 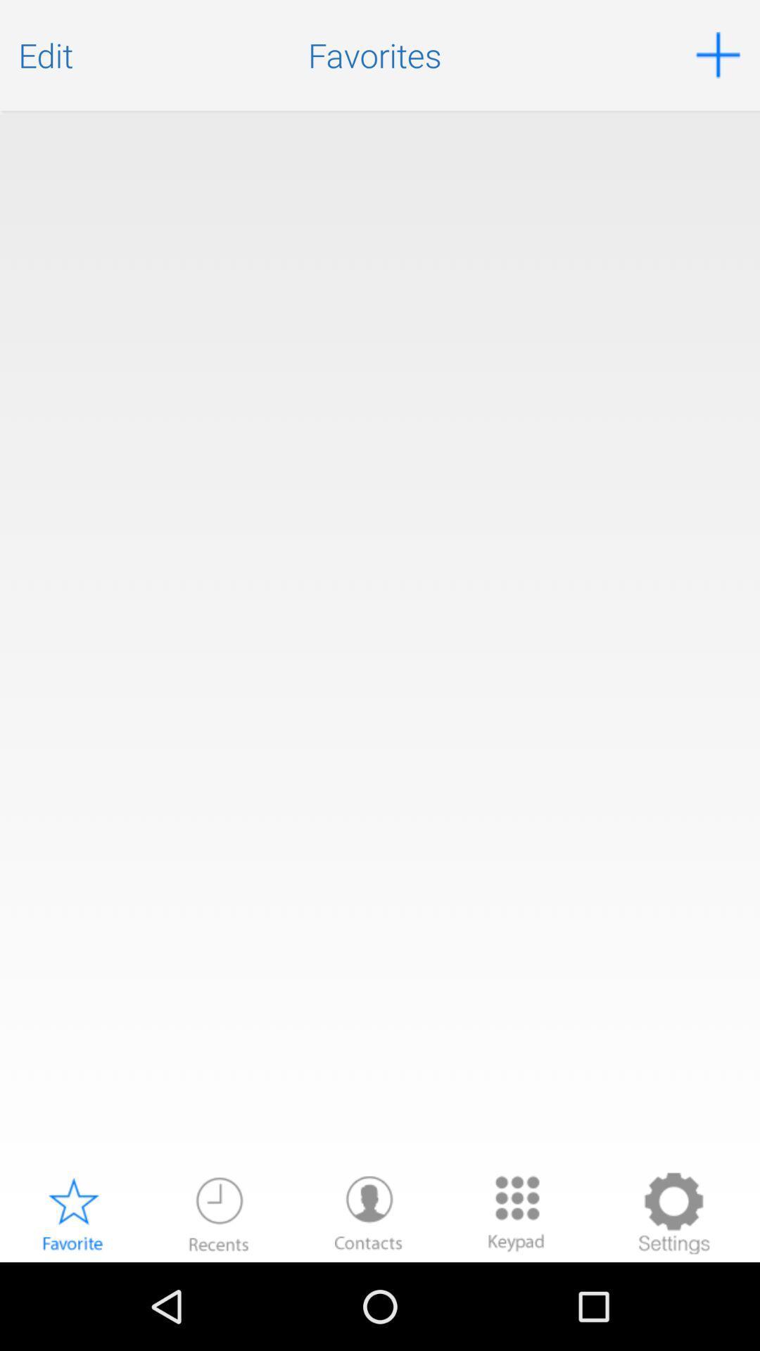 I want to click on open keypad, so click(x=516, y=1212).